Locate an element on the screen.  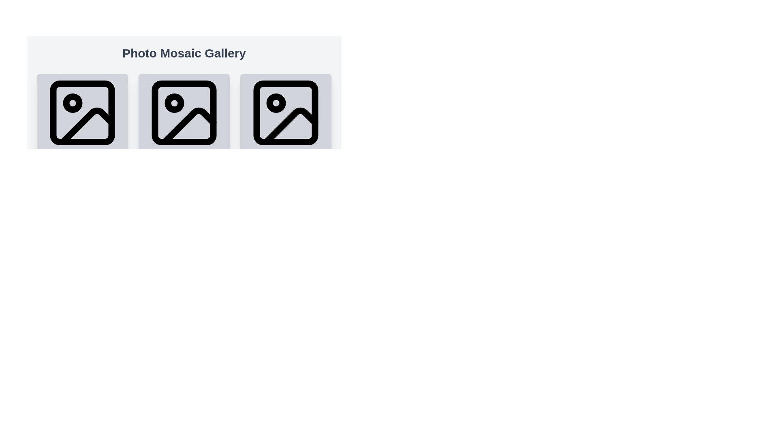
the triangular shape within the first icon box from the left, which symbolizes a mountain or hill, located at the bottom of the icon is located at coordinates (87, 126).